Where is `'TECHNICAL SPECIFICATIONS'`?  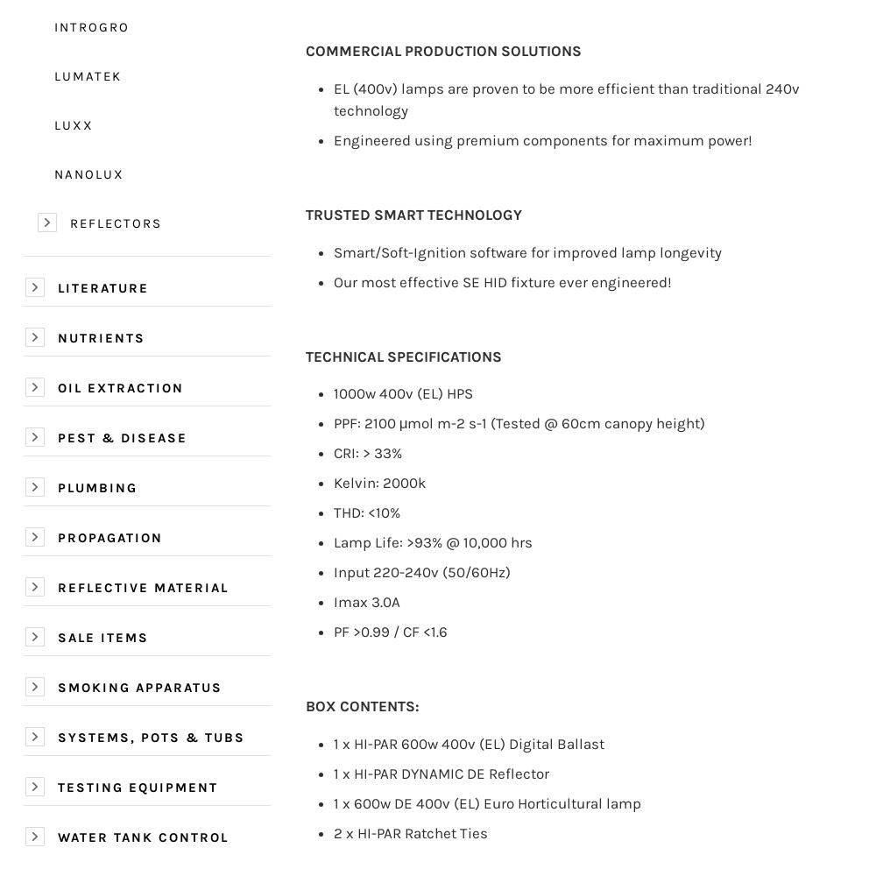 'TECHNICAL SPECIFICATIONS' is located at coordinates (405, 354).